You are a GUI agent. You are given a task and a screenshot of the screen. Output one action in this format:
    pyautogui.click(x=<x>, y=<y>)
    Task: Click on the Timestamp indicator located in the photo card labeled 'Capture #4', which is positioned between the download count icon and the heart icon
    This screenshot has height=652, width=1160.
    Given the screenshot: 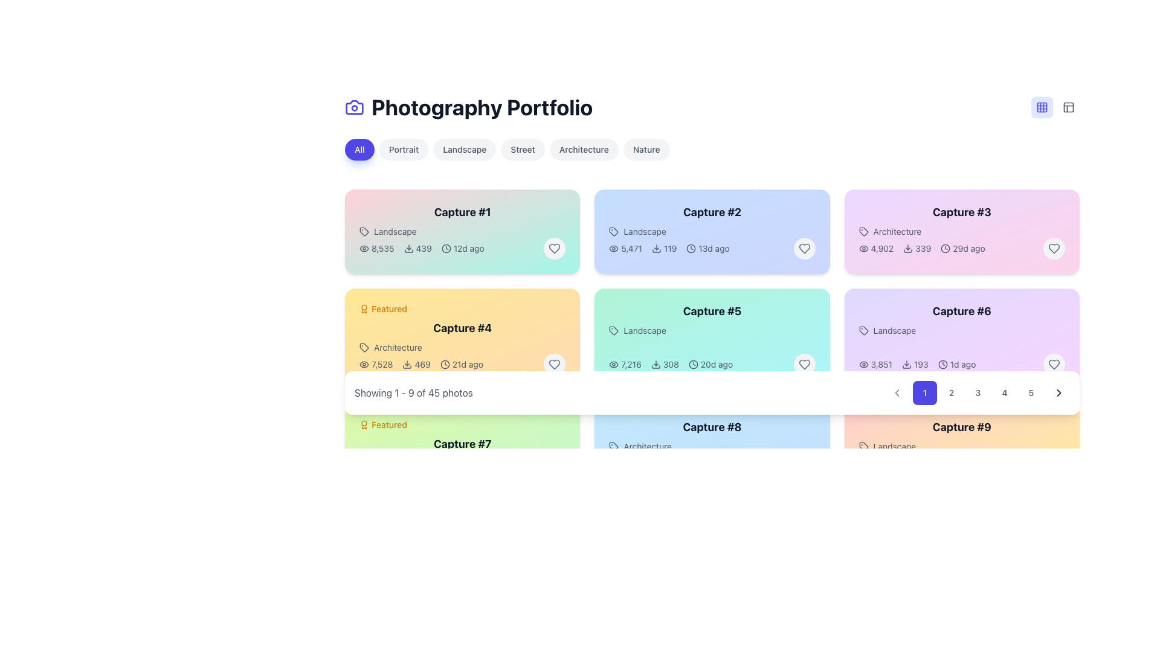 What is the action you would take?
    pyautogui.click(x=461, y=364)
    